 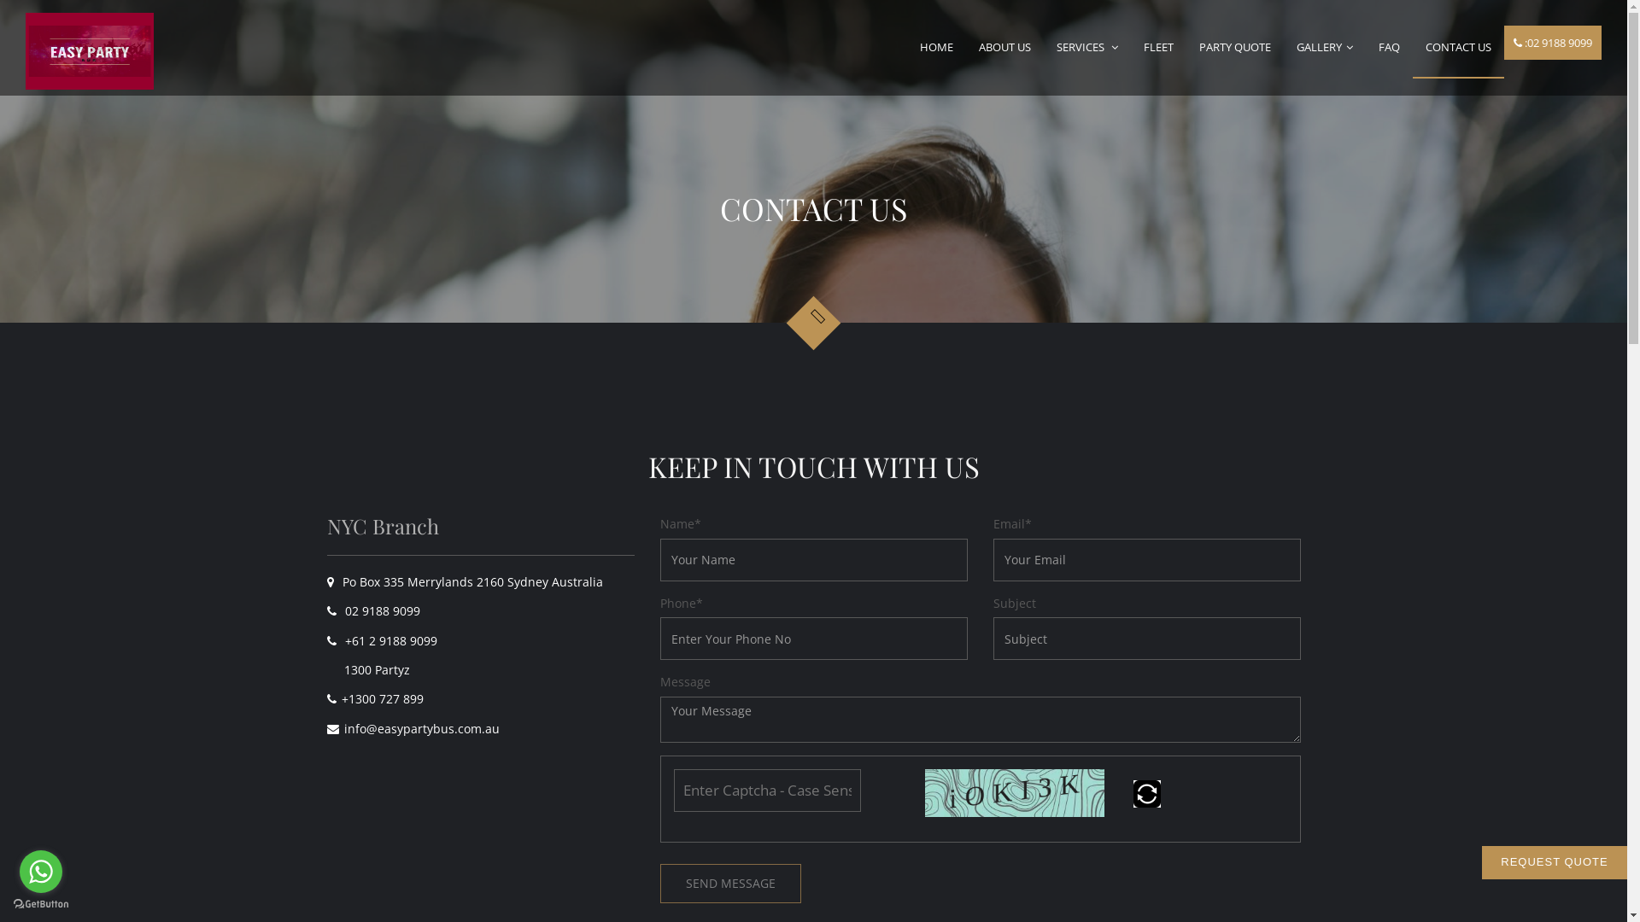 I want to click on '+61 2 9188 9099', so click(x=392, y=640).